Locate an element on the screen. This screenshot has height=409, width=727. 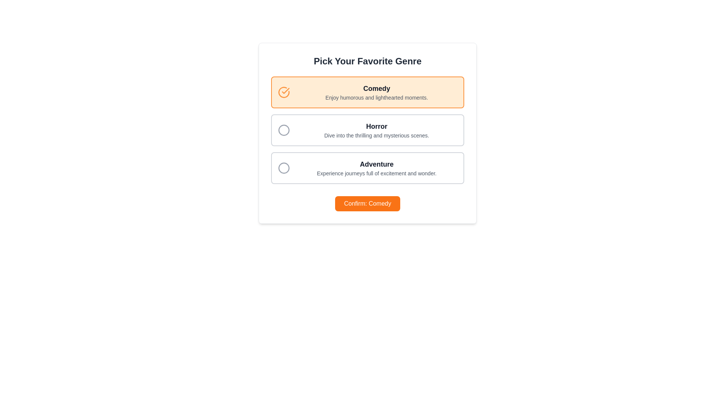
the rectangular button labeled 'Confirm: Comedy' with a bright orange background to observe a visual change is located at coordinates (367, 203).